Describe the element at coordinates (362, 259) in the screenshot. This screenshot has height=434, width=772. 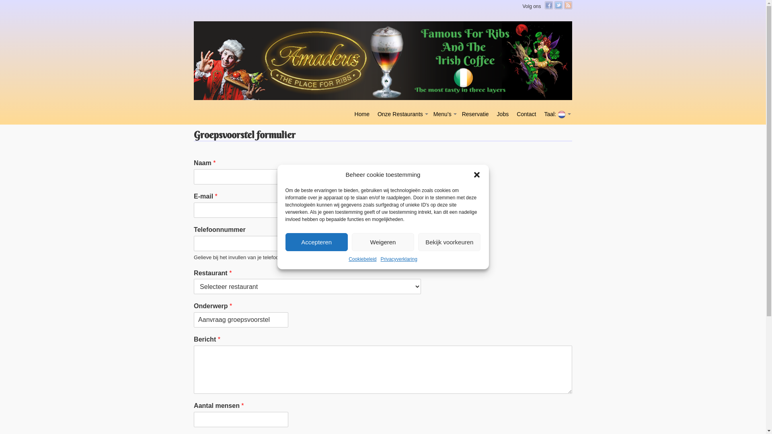
I see `'Cookiebeleid'` at that location.